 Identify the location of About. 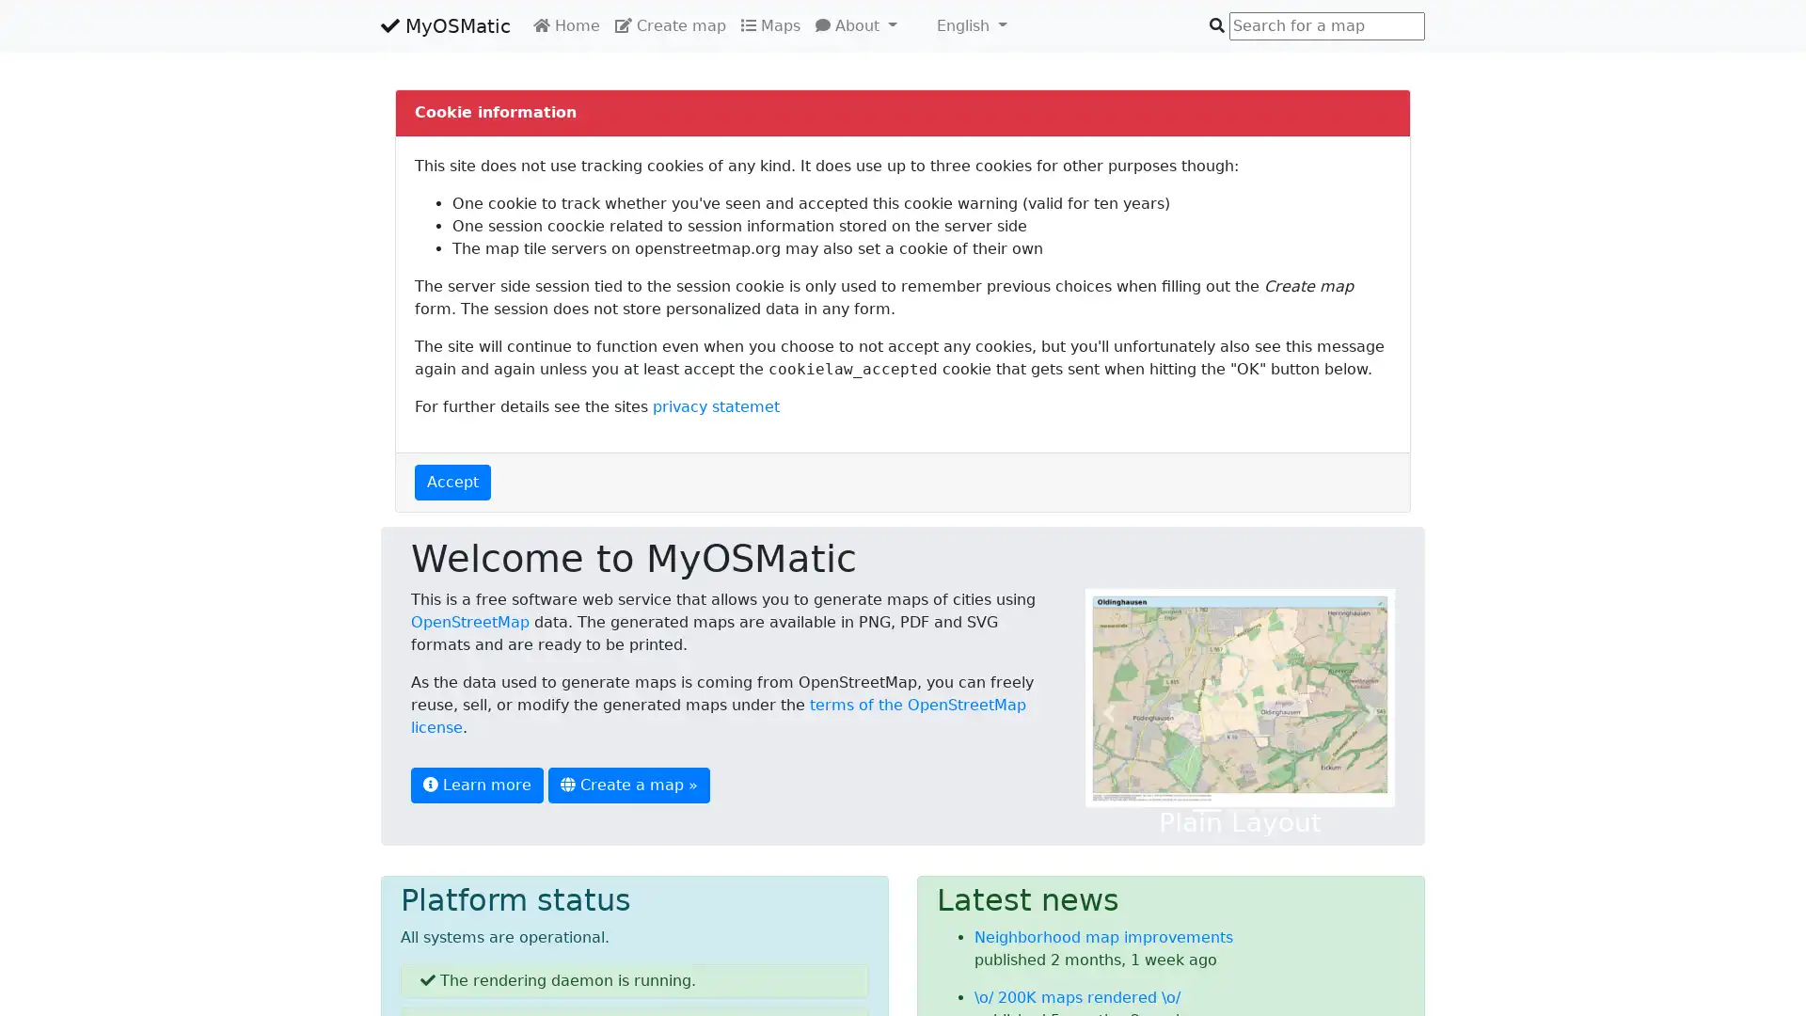
(855, 25).